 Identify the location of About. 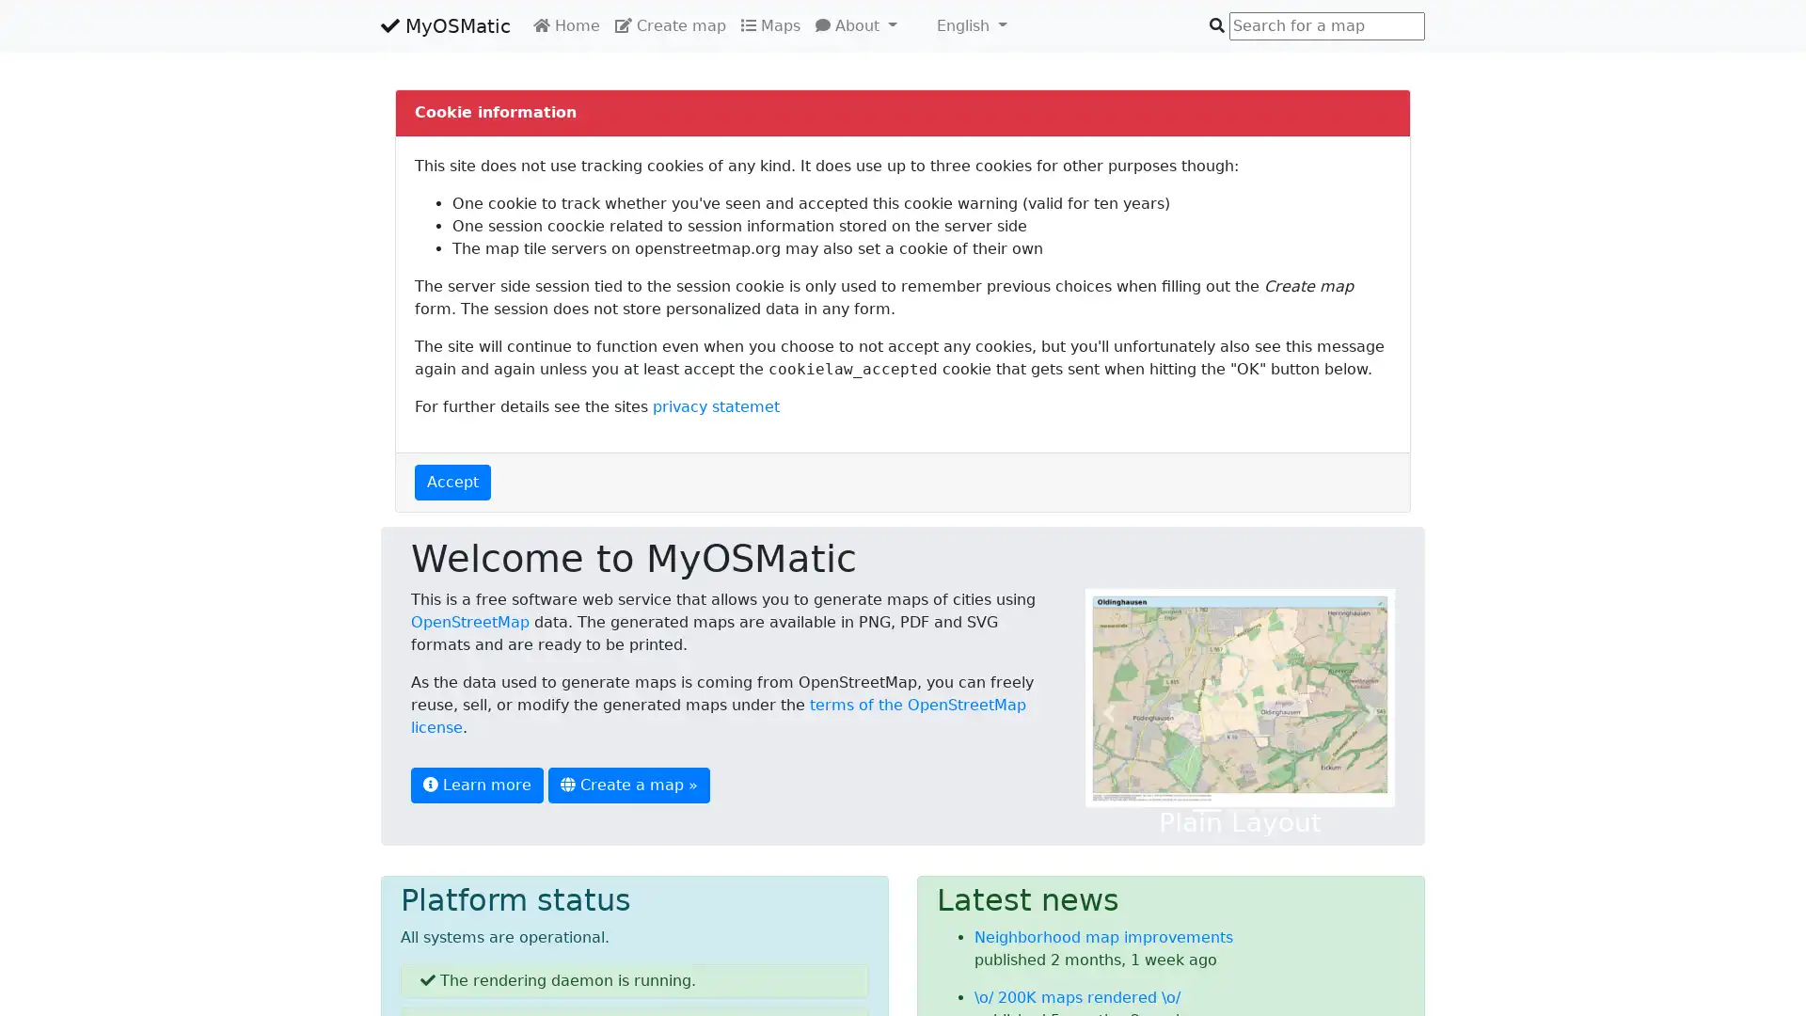
(855, 25).